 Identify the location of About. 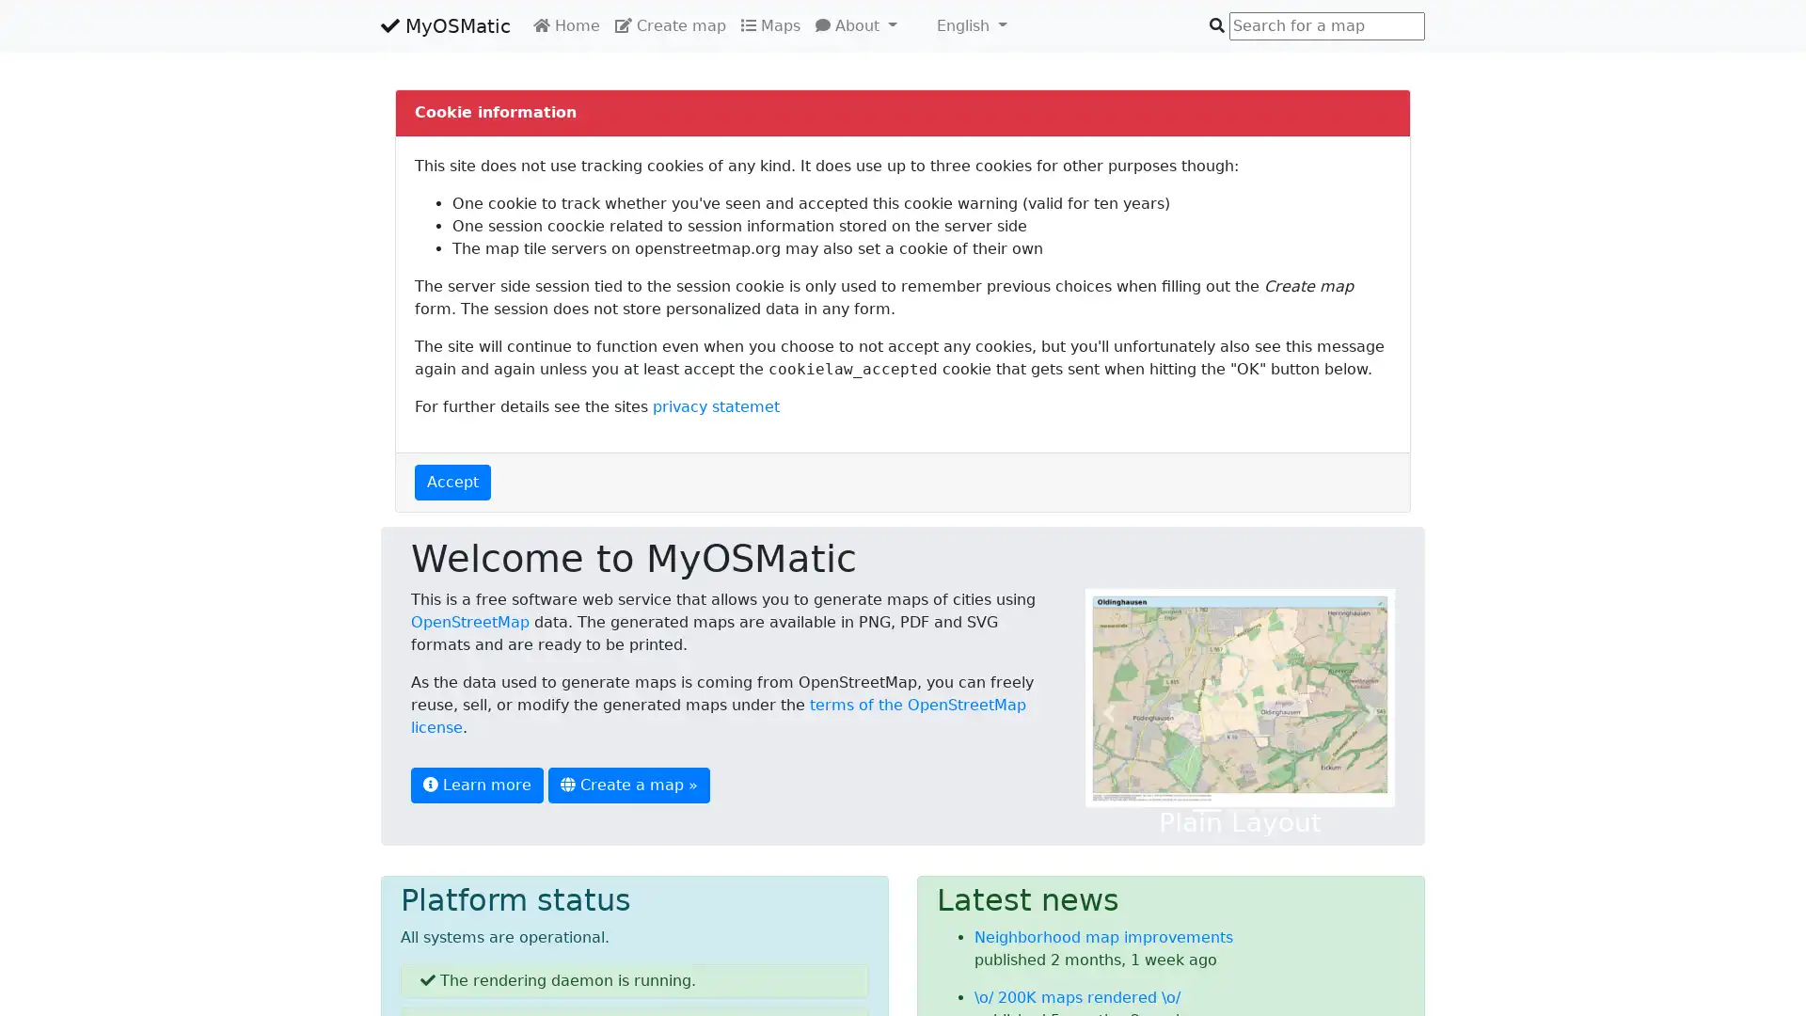
(855, 25).